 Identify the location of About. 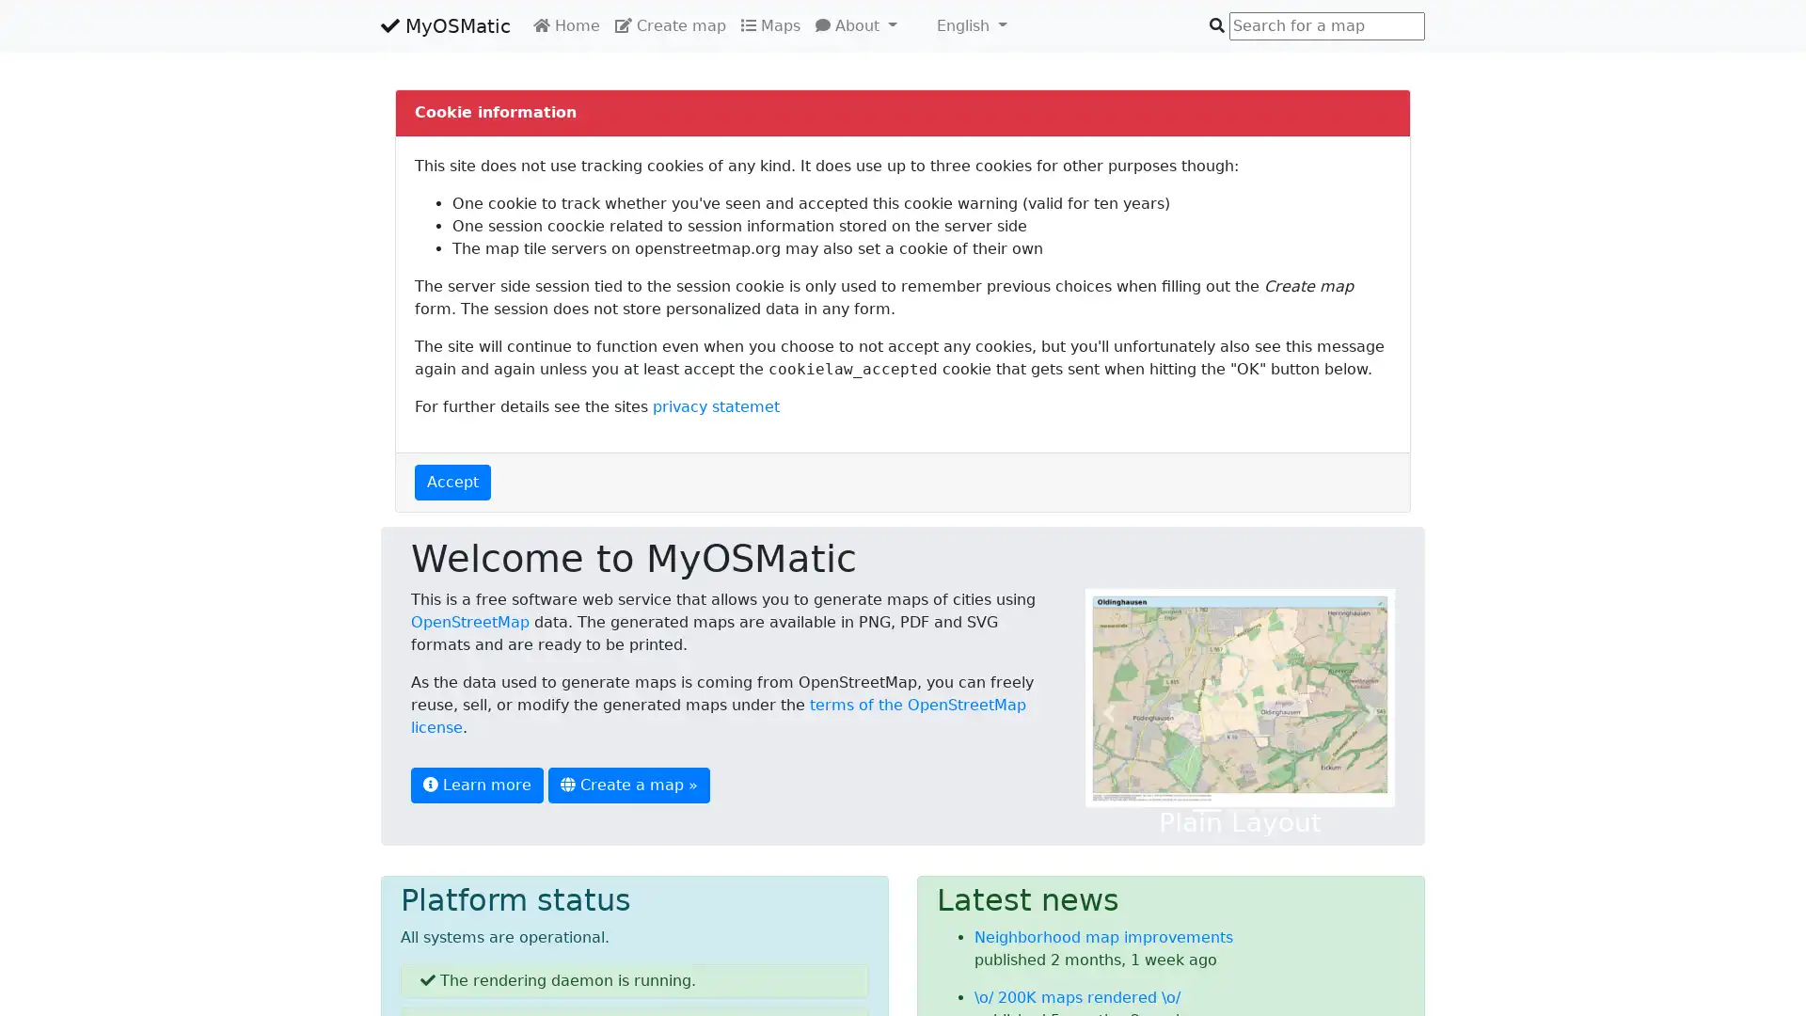
(855, 25).